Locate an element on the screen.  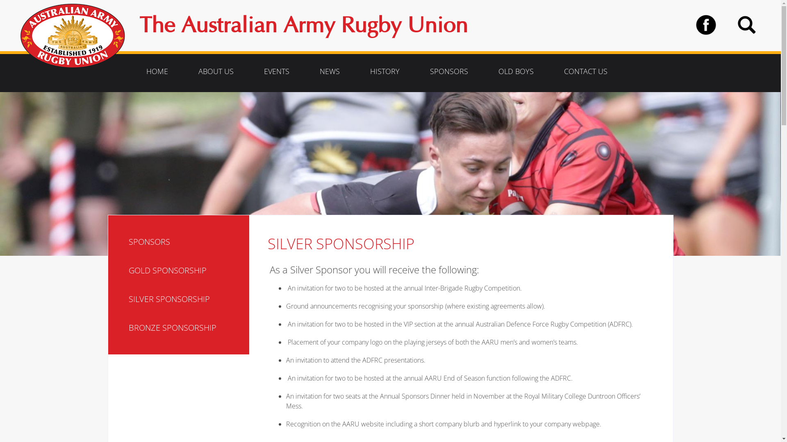
'GOLD SPONSORSHIP' is located at coordinates (128, 270).